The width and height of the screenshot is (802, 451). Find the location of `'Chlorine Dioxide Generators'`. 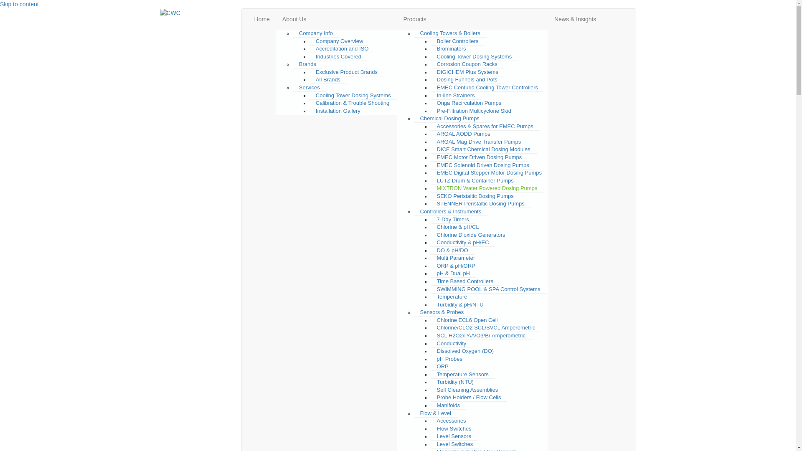

'Chlorine Dioxide Generators' is located at coordinates (471, 235).